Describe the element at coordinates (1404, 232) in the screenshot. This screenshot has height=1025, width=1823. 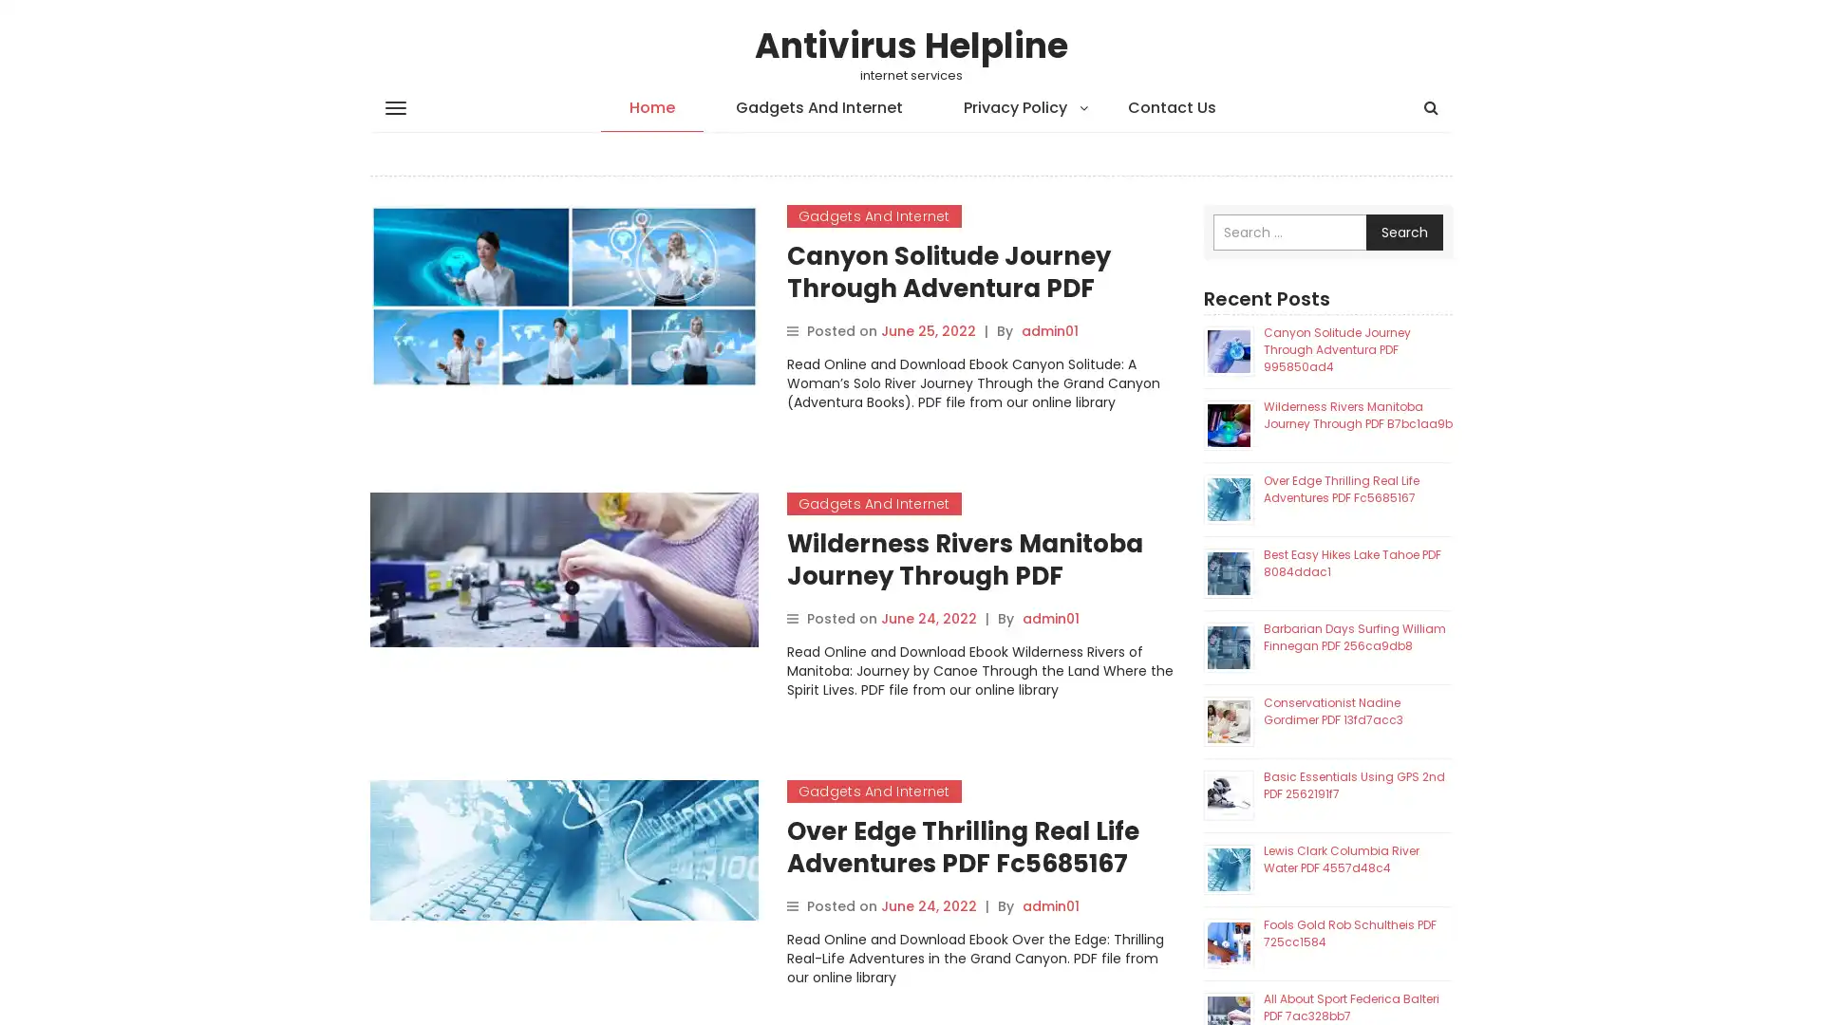
I see `Search` at that location.